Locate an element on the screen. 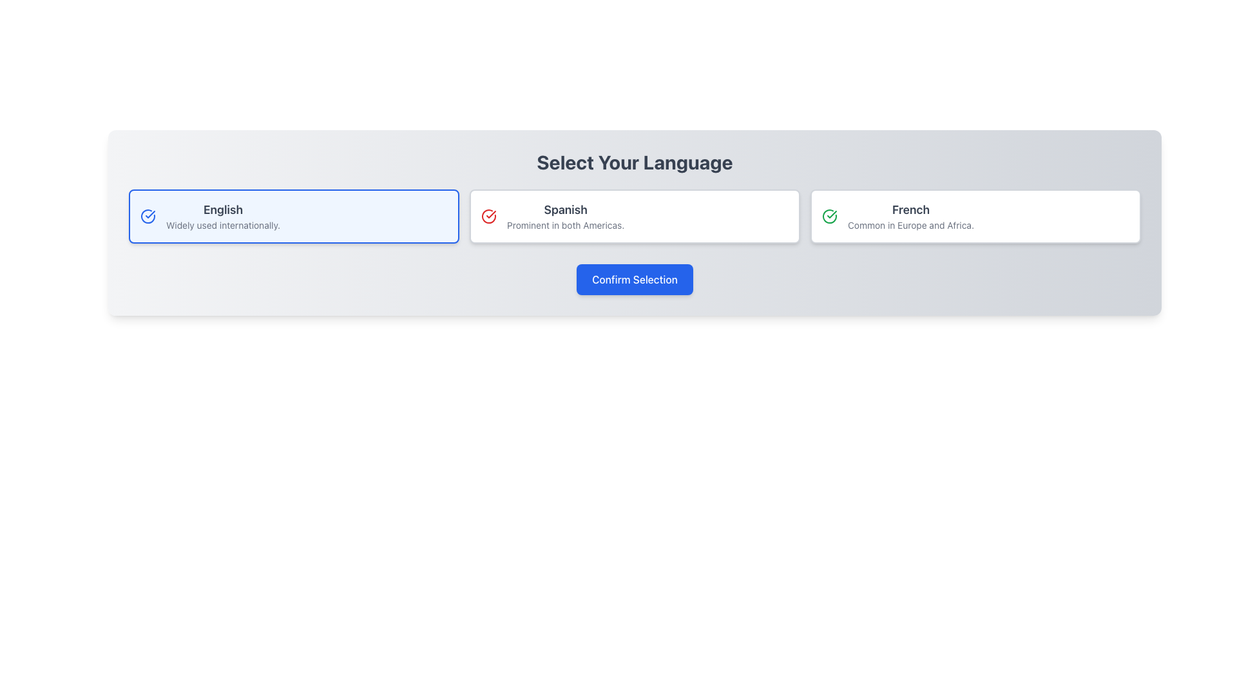 This screenshot has height=696, width=1237. text label that serves as the heading for the language selection section, positioned at the top and centered above the language options is located at coordinates (635, 161).